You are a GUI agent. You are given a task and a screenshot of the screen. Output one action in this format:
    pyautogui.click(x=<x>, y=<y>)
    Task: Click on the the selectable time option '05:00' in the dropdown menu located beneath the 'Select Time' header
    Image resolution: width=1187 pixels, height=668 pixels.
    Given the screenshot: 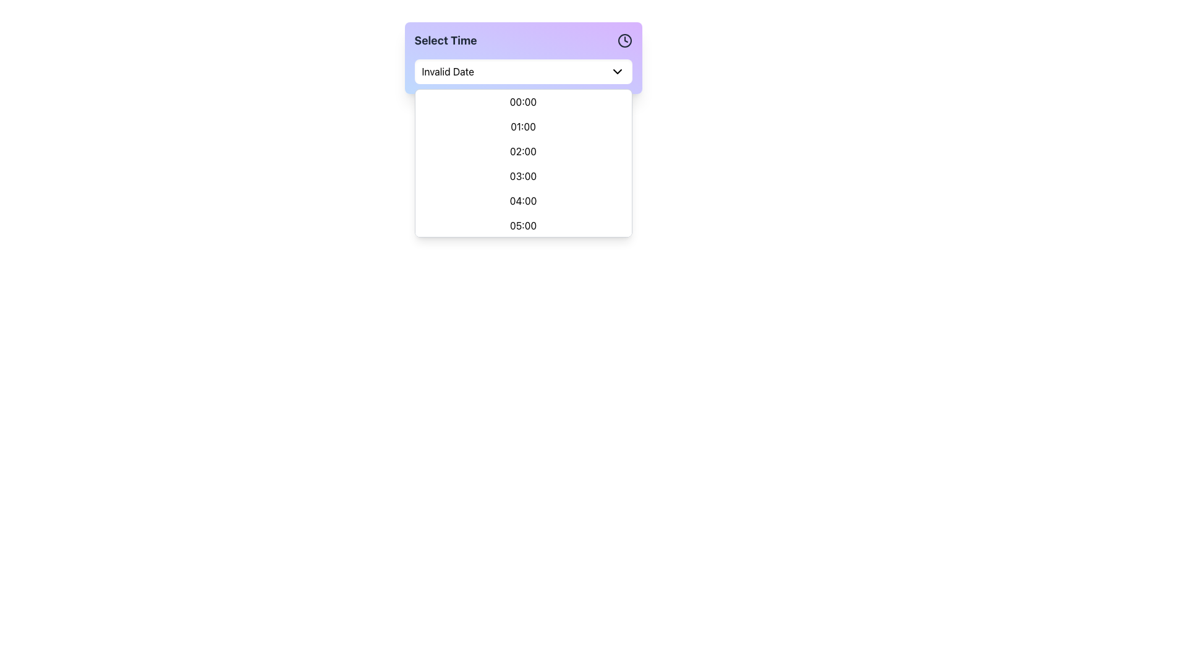 What is the action you would take?
    pyautogui.click(x=523, y=226)
    